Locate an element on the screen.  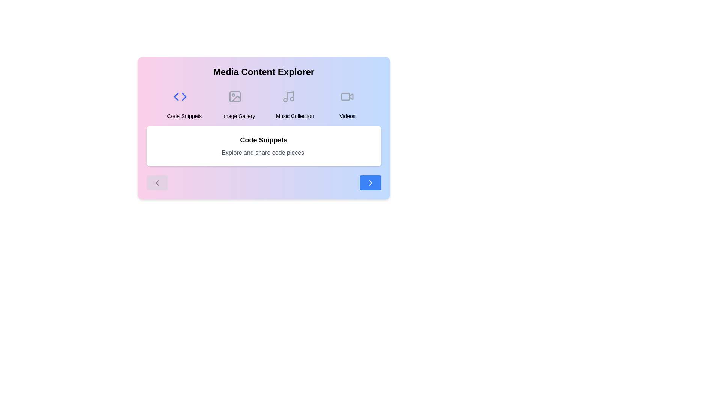
the content category Videos by clicking on its respective button is located at coordinates (347, 102).